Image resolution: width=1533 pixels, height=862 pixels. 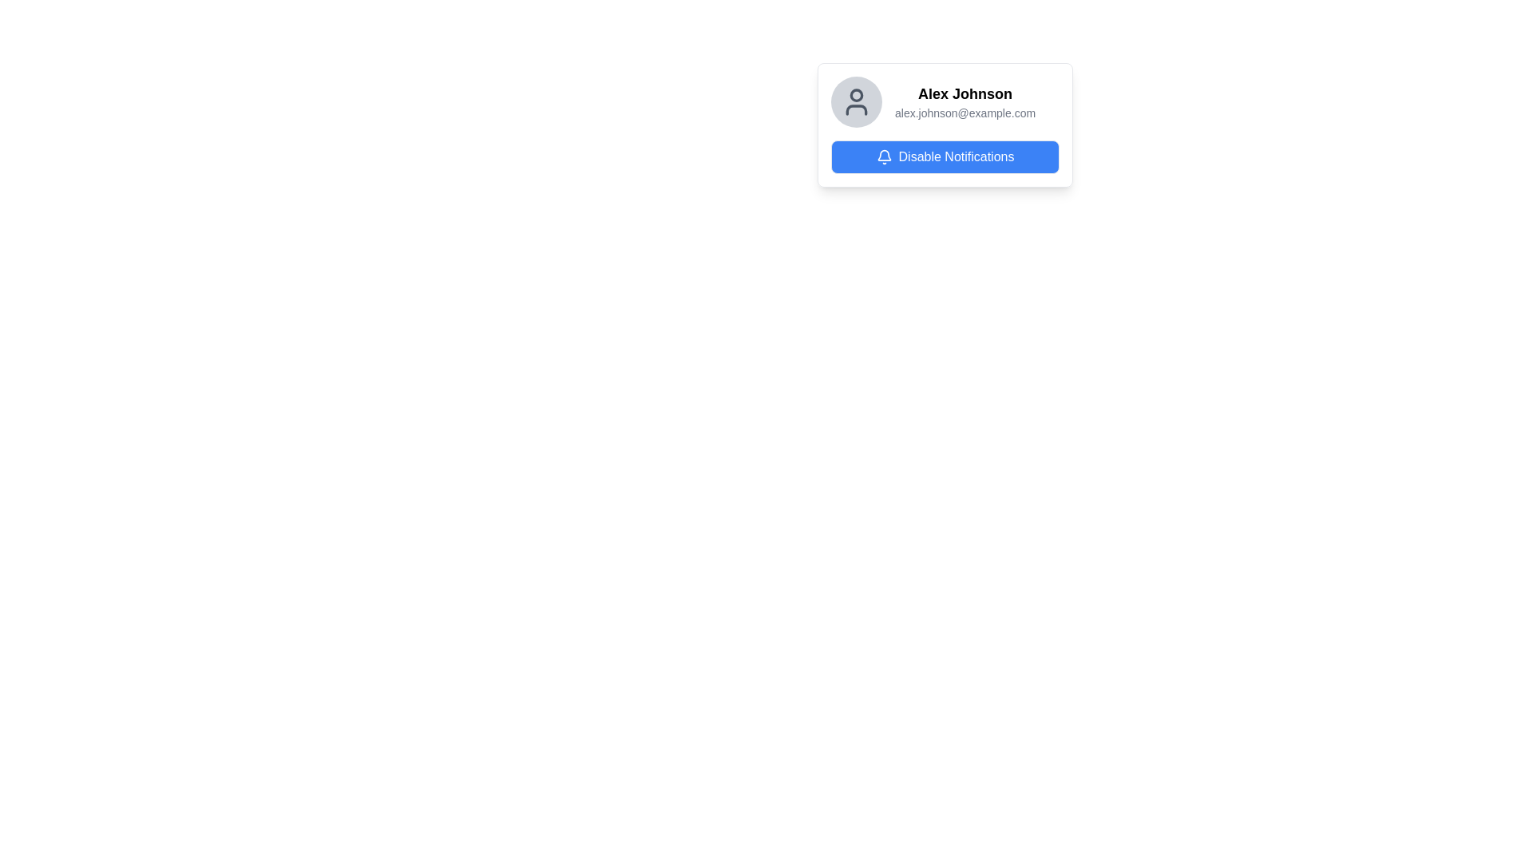 What do you see at coordinates (945, 101) in the screenshot?
I see `the User Information Display containing the user icon and text for 'Alex Johnson'` at bounding box center [945, 101].